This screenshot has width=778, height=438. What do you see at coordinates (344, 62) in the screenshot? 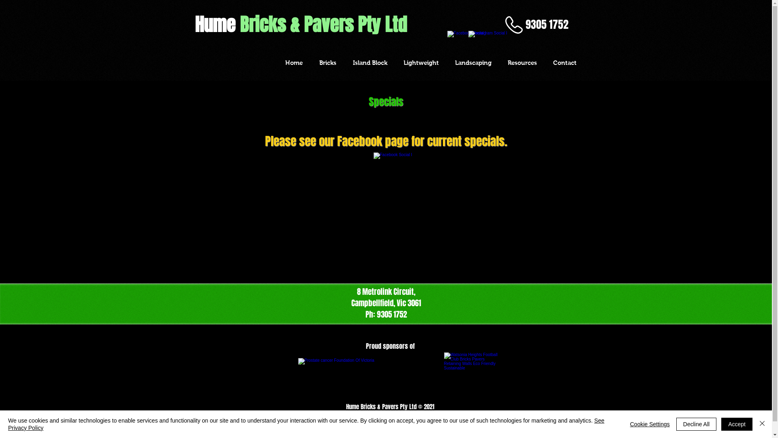
I see `'Island Block'` at bounding box center [344, 62].